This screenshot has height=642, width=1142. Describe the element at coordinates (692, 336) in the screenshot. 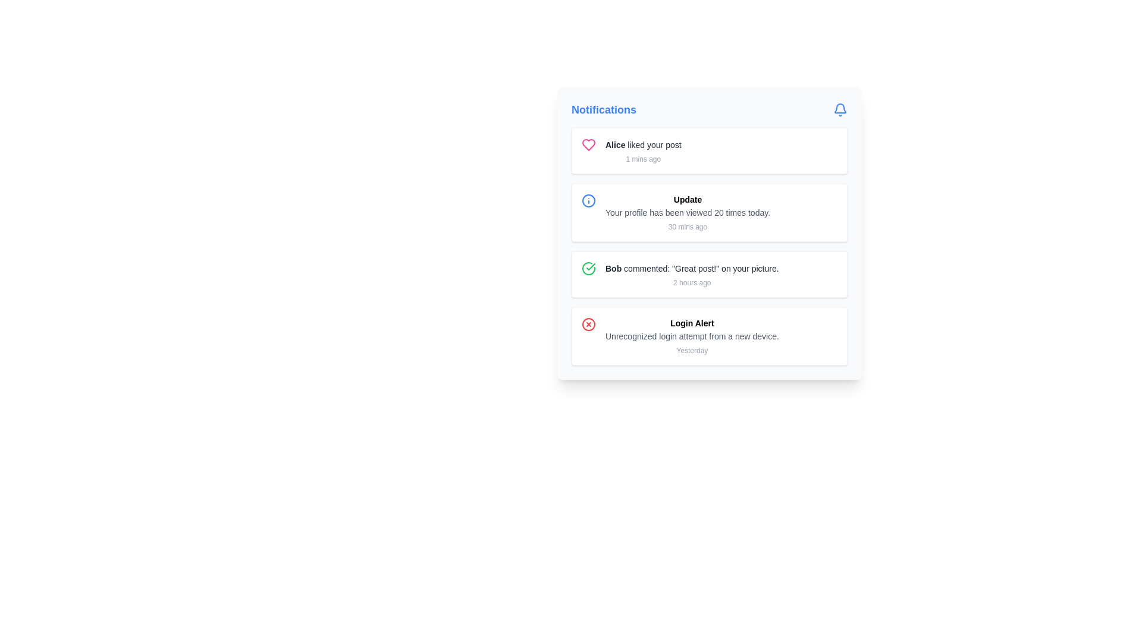

I see `the content of the Notification item titled 'Login Alert', which displays an alert about an unrecognized login attempt from a new device` at that location.